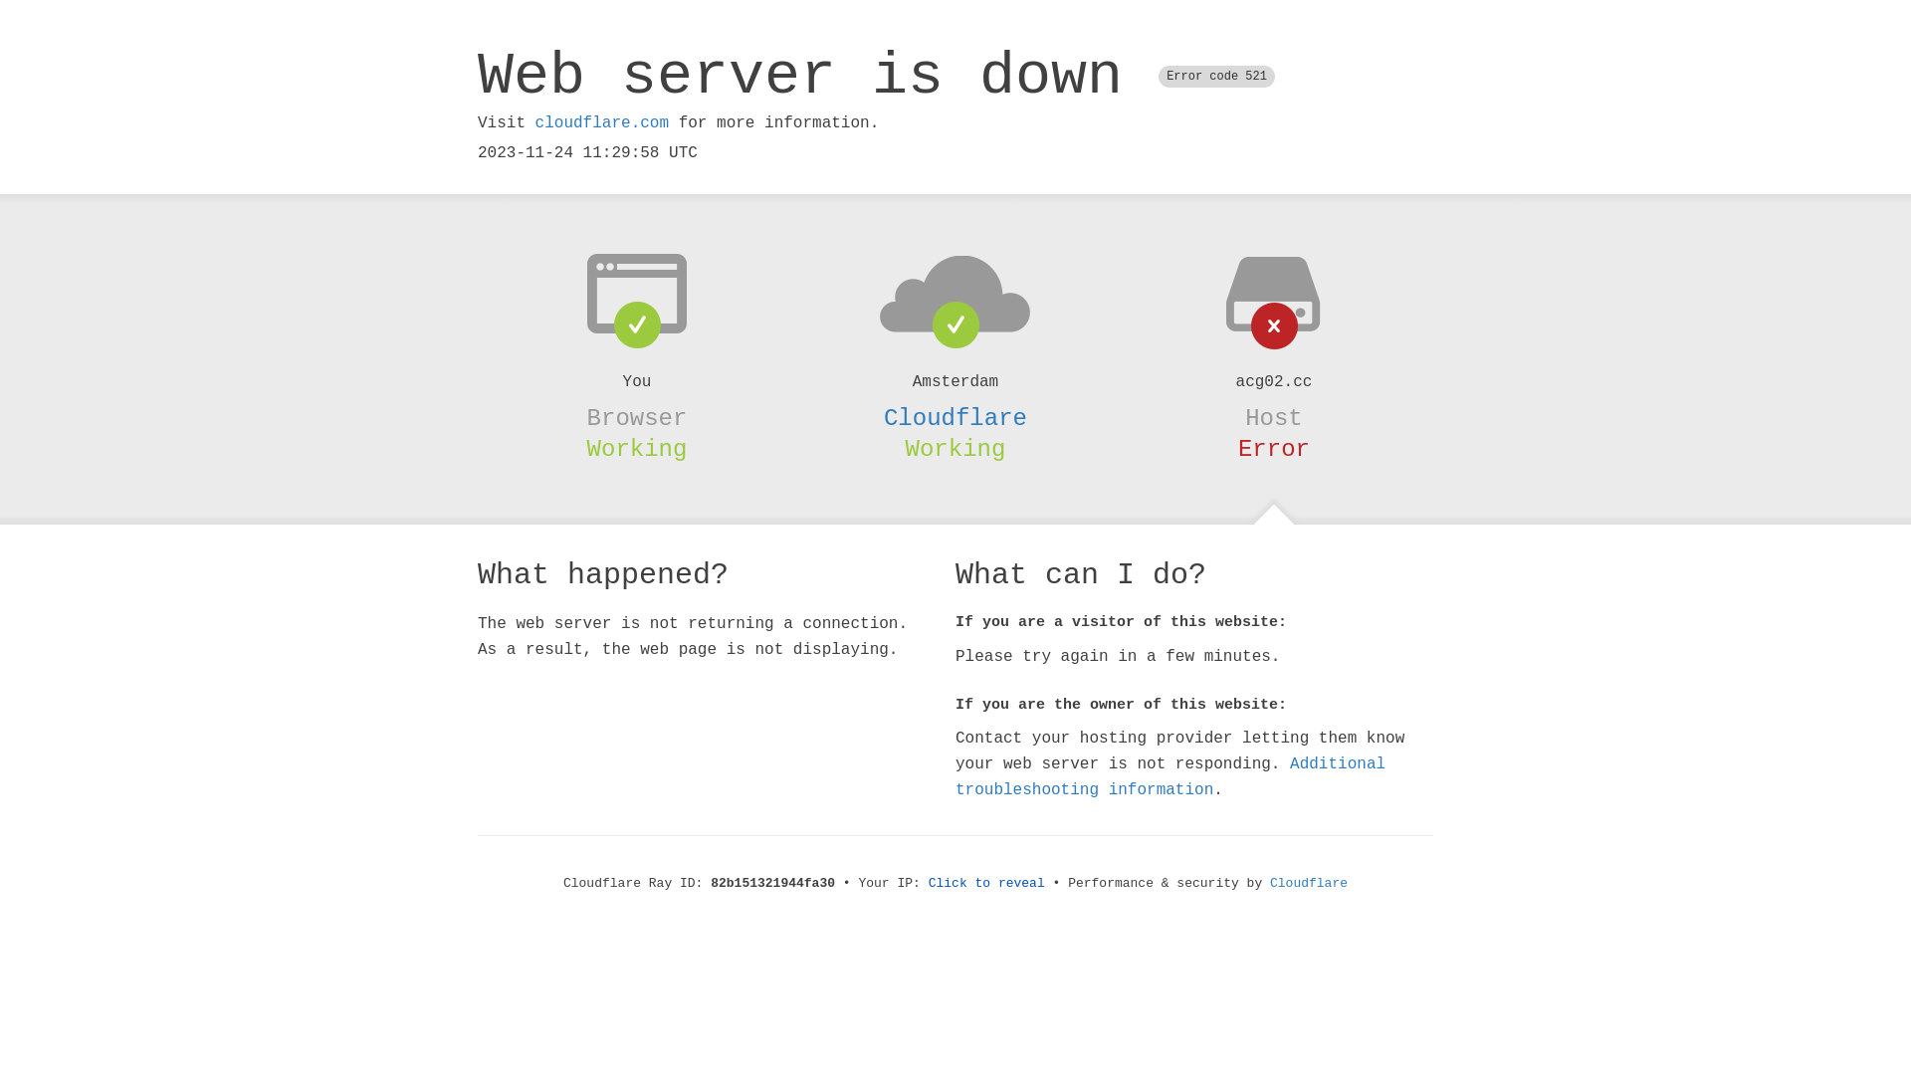  Describe the element at coordinates (986, 882) in the screenshot. I see `'Click to reveal'` at that location.